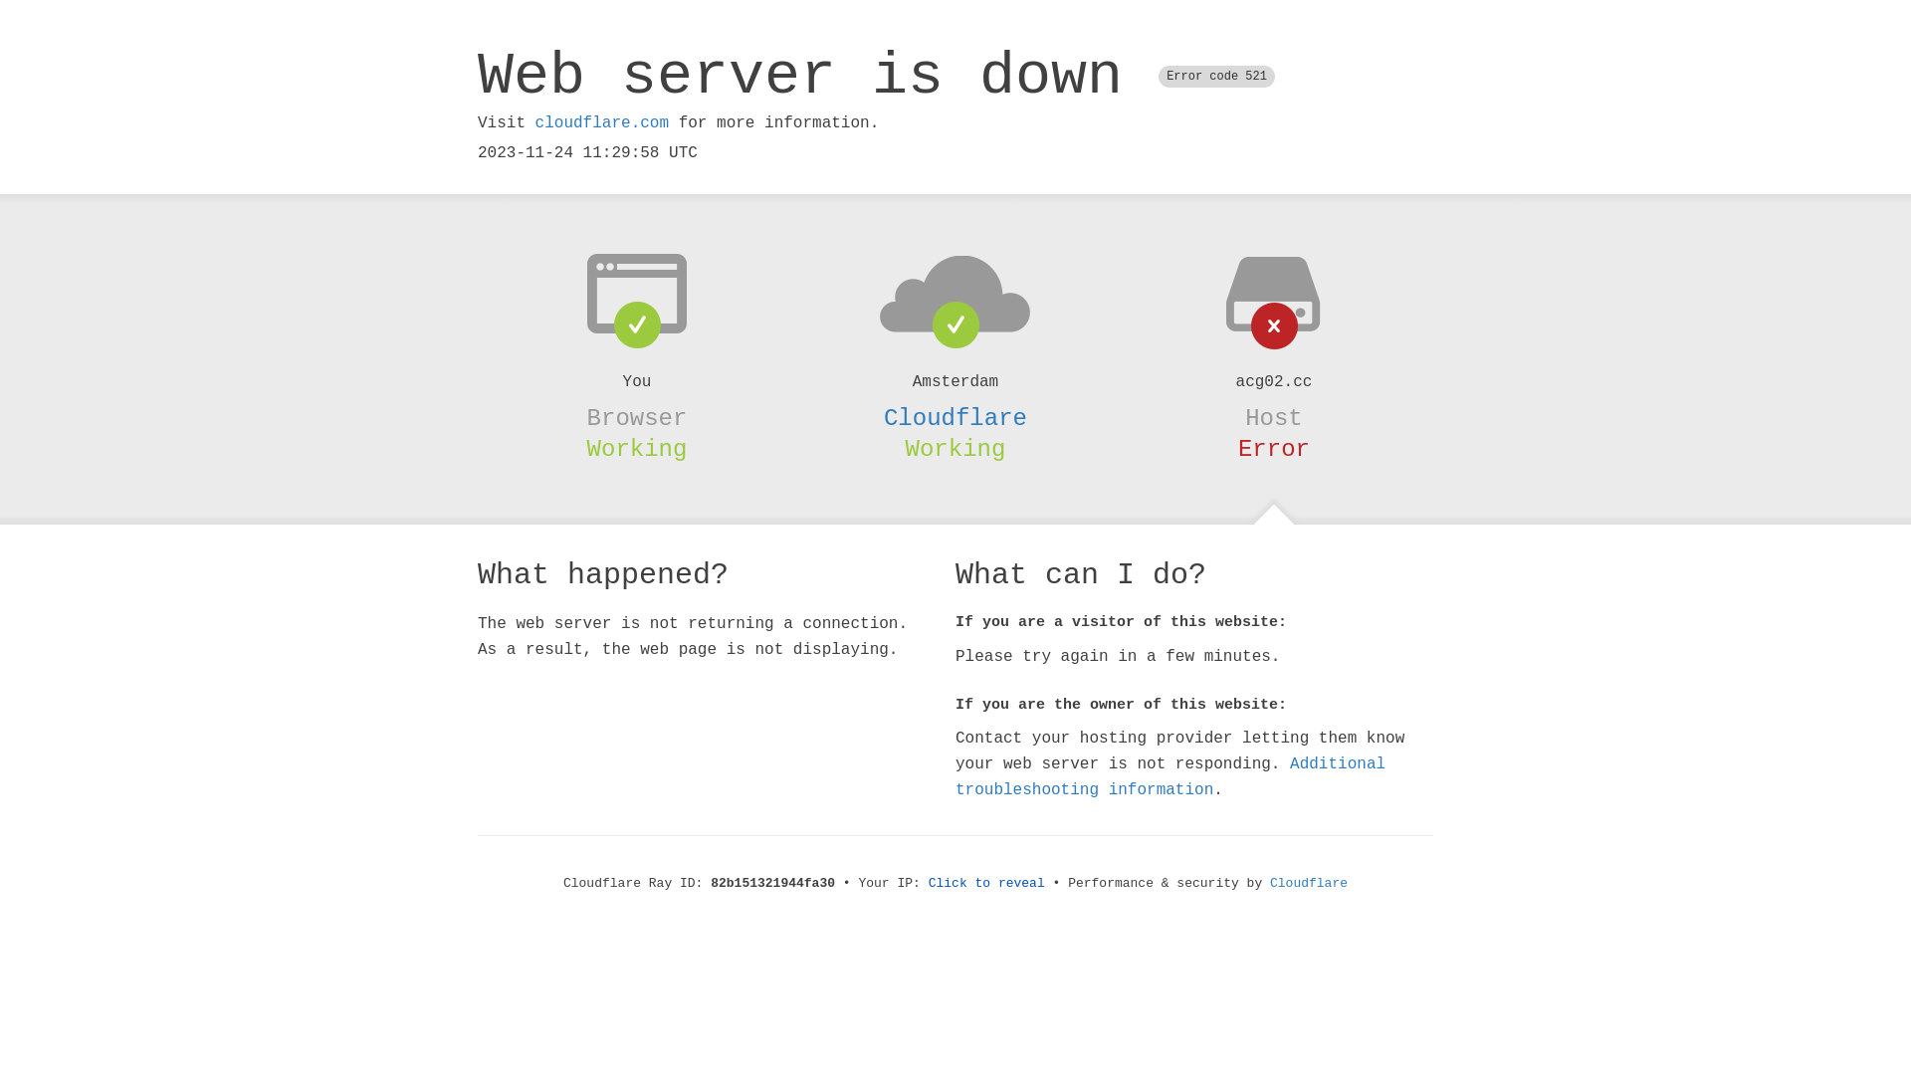  Describe the element at coordinates (986, 882) in the screenshot. I see `'Click to reveal'` at that location.